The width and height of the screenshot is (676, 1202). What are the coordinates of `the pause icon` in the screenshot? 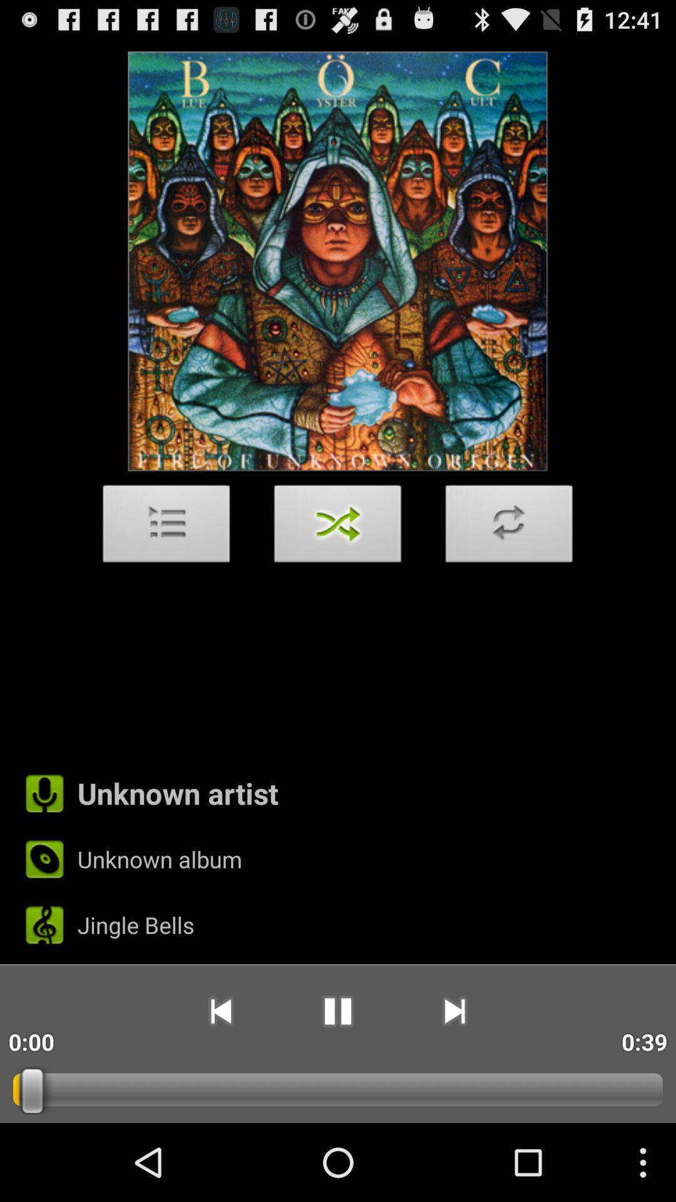 It's located at (337, 1081).